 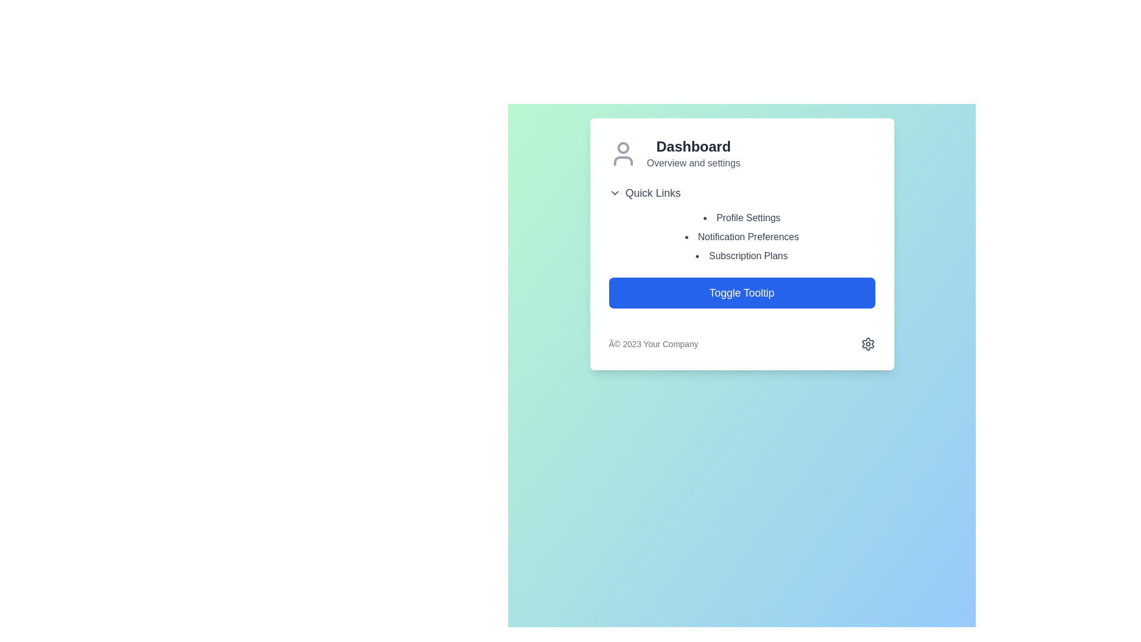 What do you see at coordinates (741, 218) in the screenshot?
I see `the 'Profile Settings' text label, which is styled in gray (#707070) and aligned to the left in a bulleted list under 'Quick Links'` at bounding box center [741, 218].